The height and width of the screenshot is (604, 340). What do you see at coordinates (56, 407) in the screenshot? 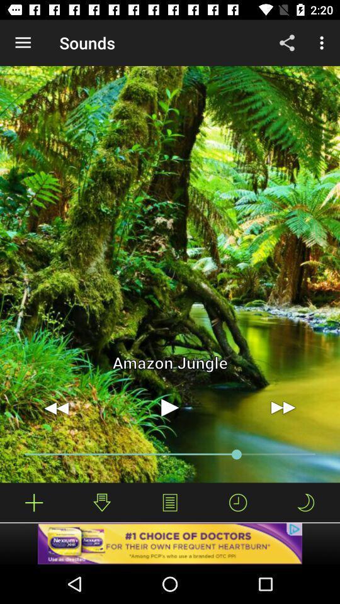
I see `rewind` at bounding box center [56, 407].